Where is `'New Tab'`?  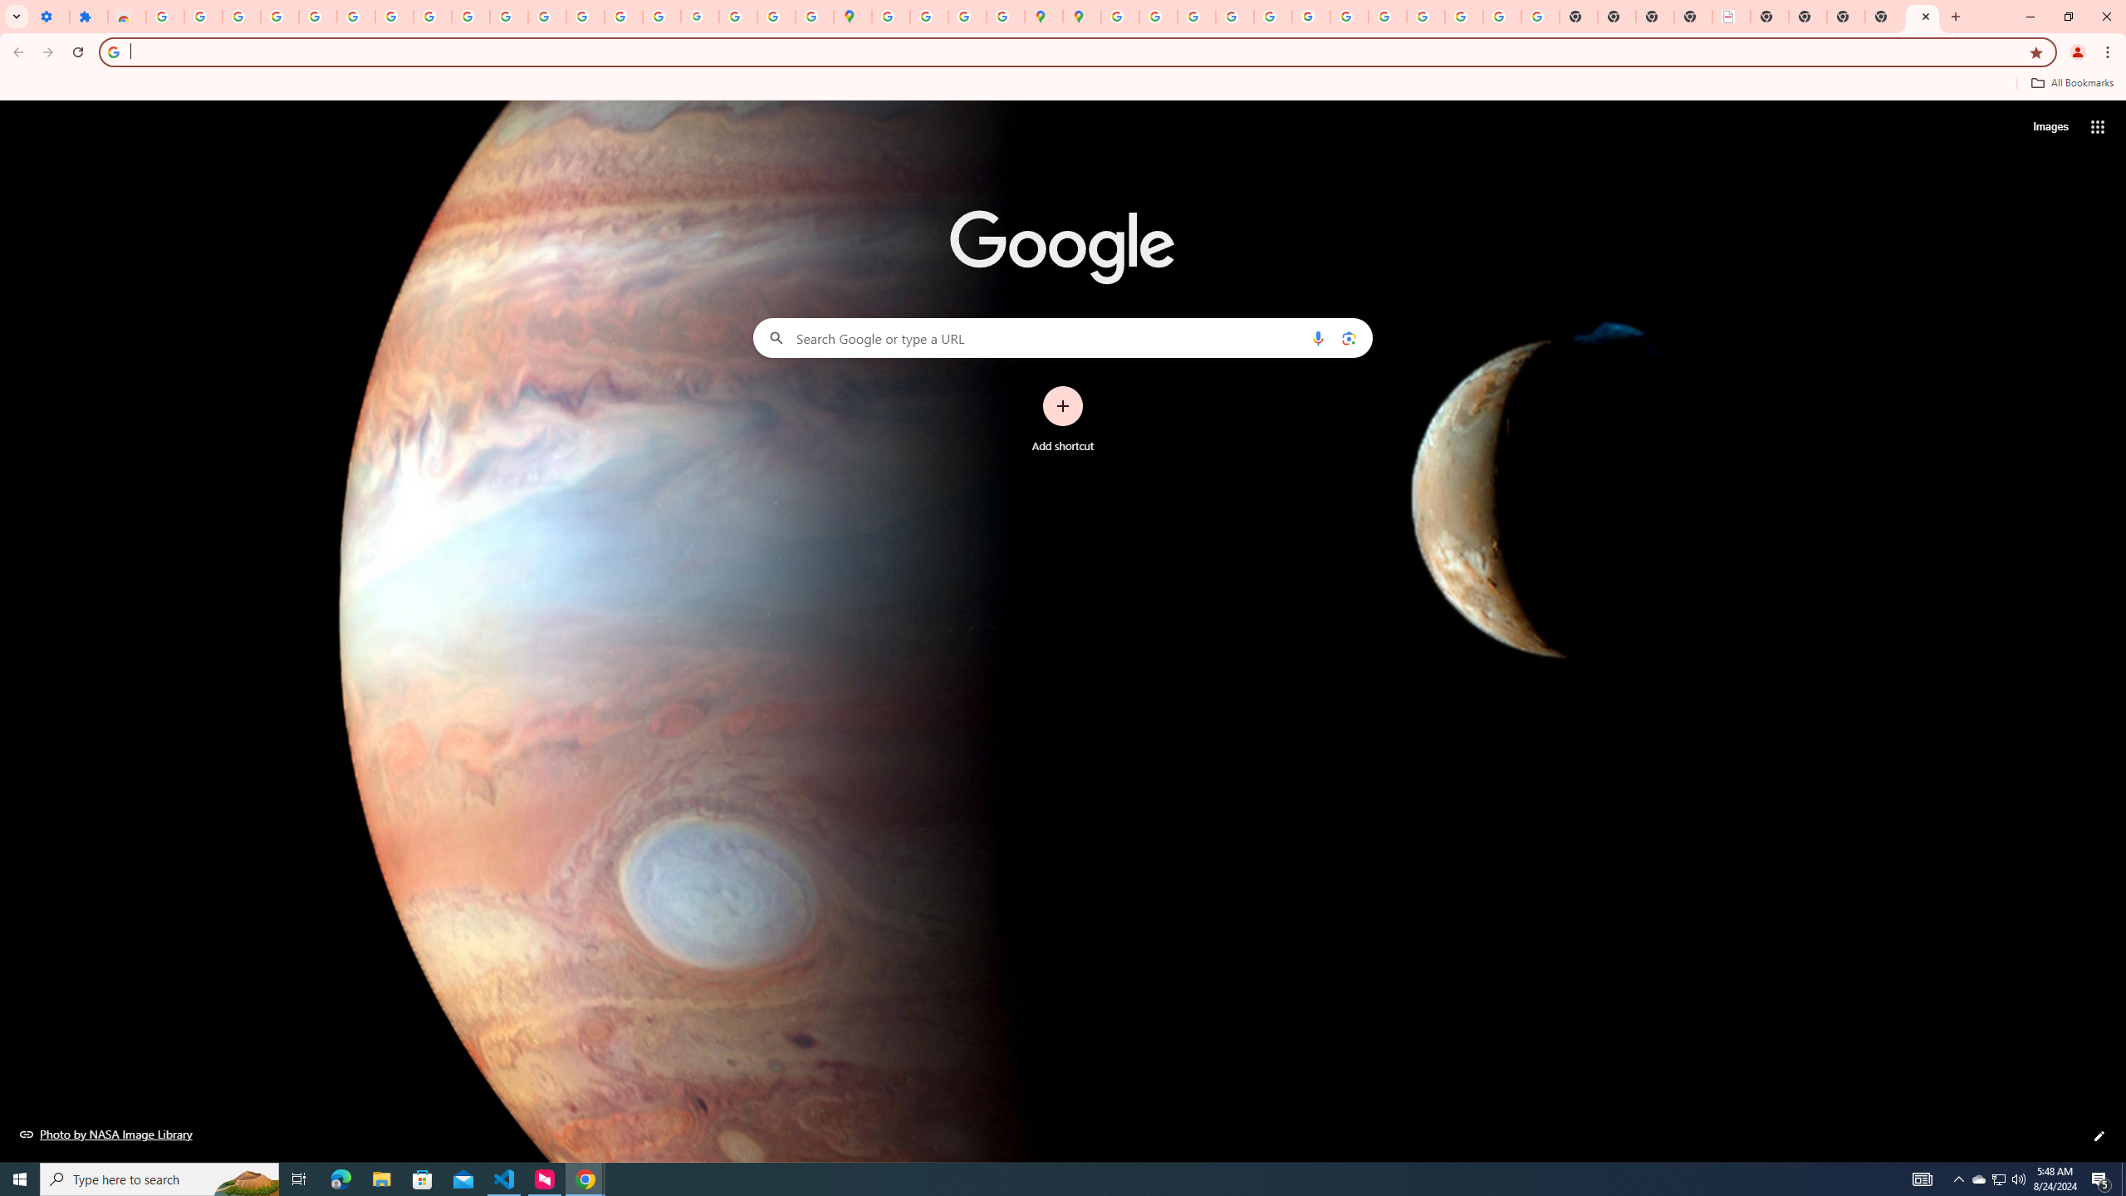
'New Tab' is located at coordinates (1923, 16).